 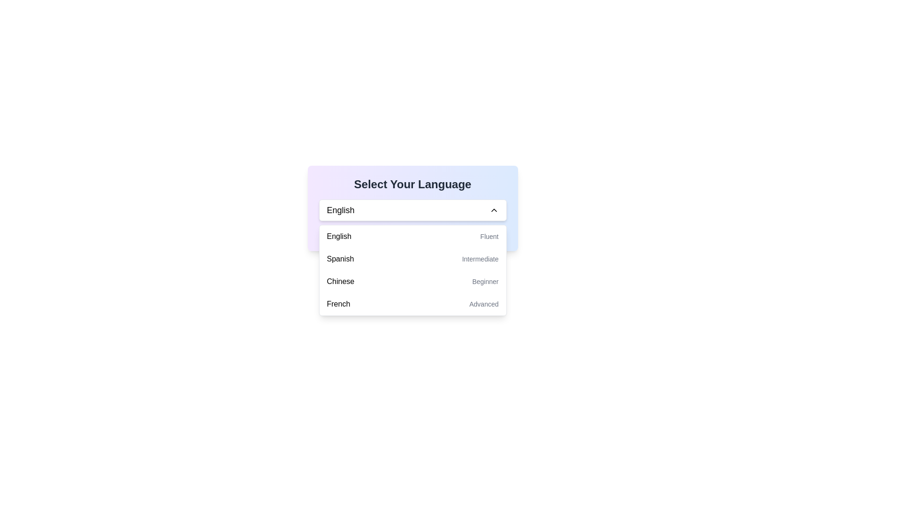 What do you see at coordinates (489, 236) in the screenshot?
I see `the static text label indicating the proficiency level associated with the language 'English', which is located to the right of the text 'English' within the dropdown menu labeled 'Select Your Language'` at bounding box center [489, 236].